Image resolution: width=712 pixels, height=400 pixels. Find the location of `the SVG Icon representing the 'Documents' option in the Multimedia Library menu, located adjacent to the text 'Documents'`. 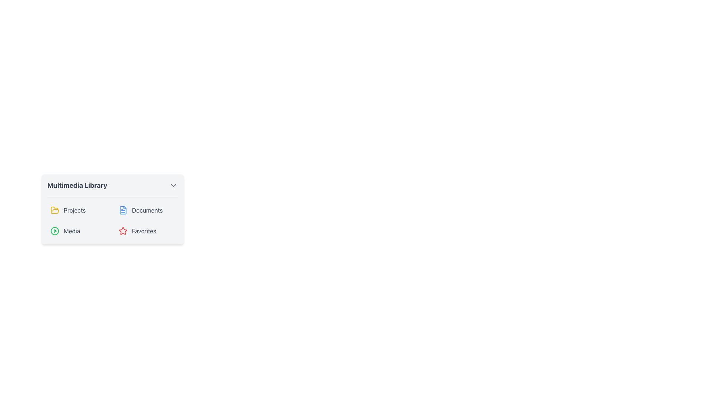

the SVG Icon representing the 'Documents' option in the Multimedia Library menu, located adjacent to the text 'Documents' is located at coordinates (123, 210).